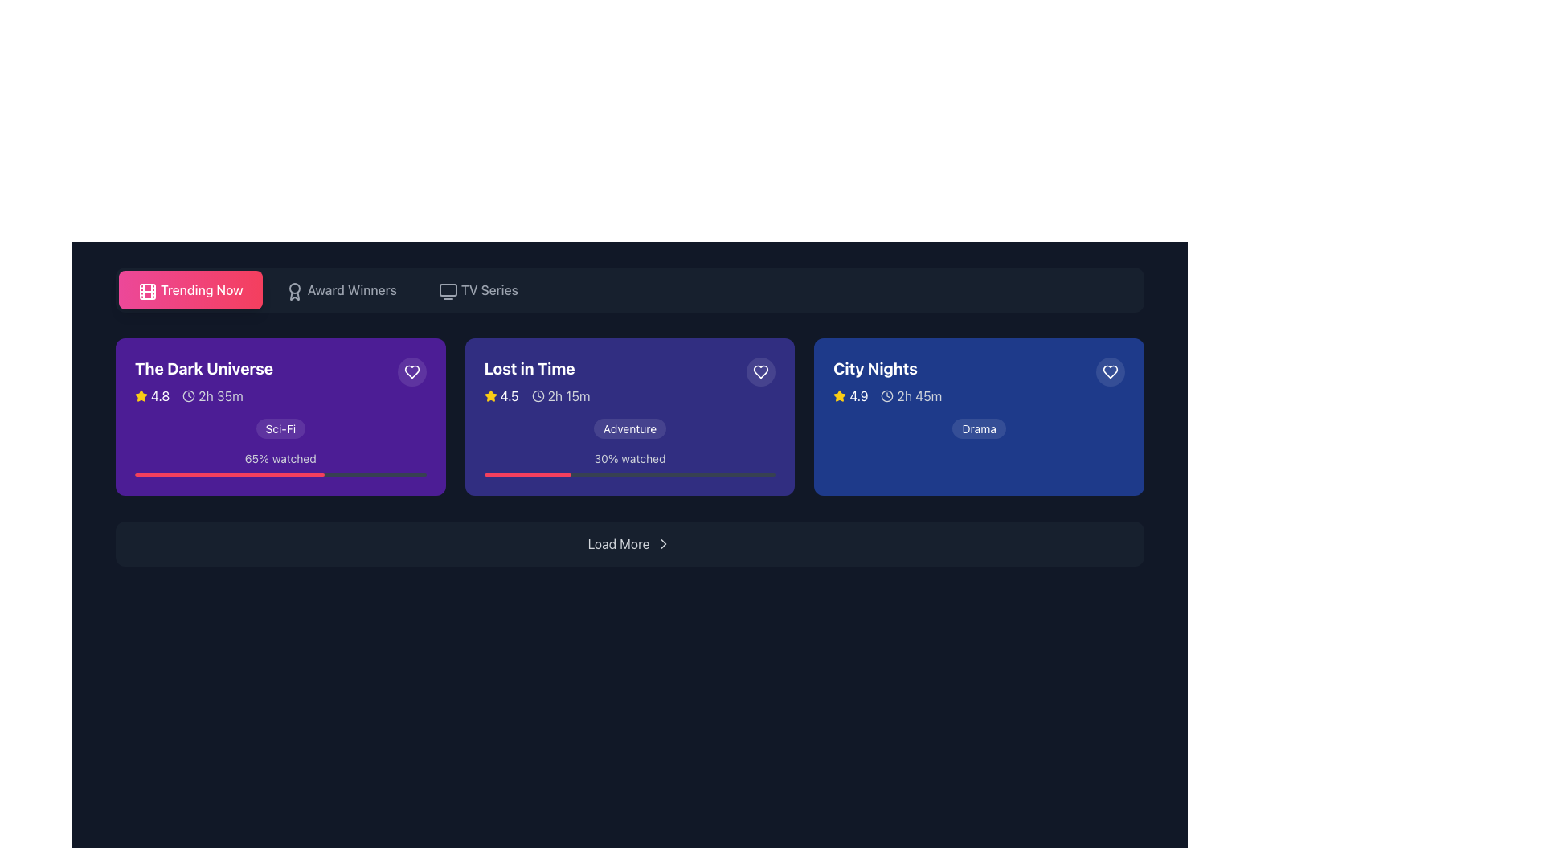 This screenshot has height=868, width=1543. What do you see at coordinates (294, 296) in the screenshot?
I see `the award icon located in the 'Award Winners' section, which serves as a decorative or indicative graphic symbolizing an award or achievement` at bounding box center [294, 296].